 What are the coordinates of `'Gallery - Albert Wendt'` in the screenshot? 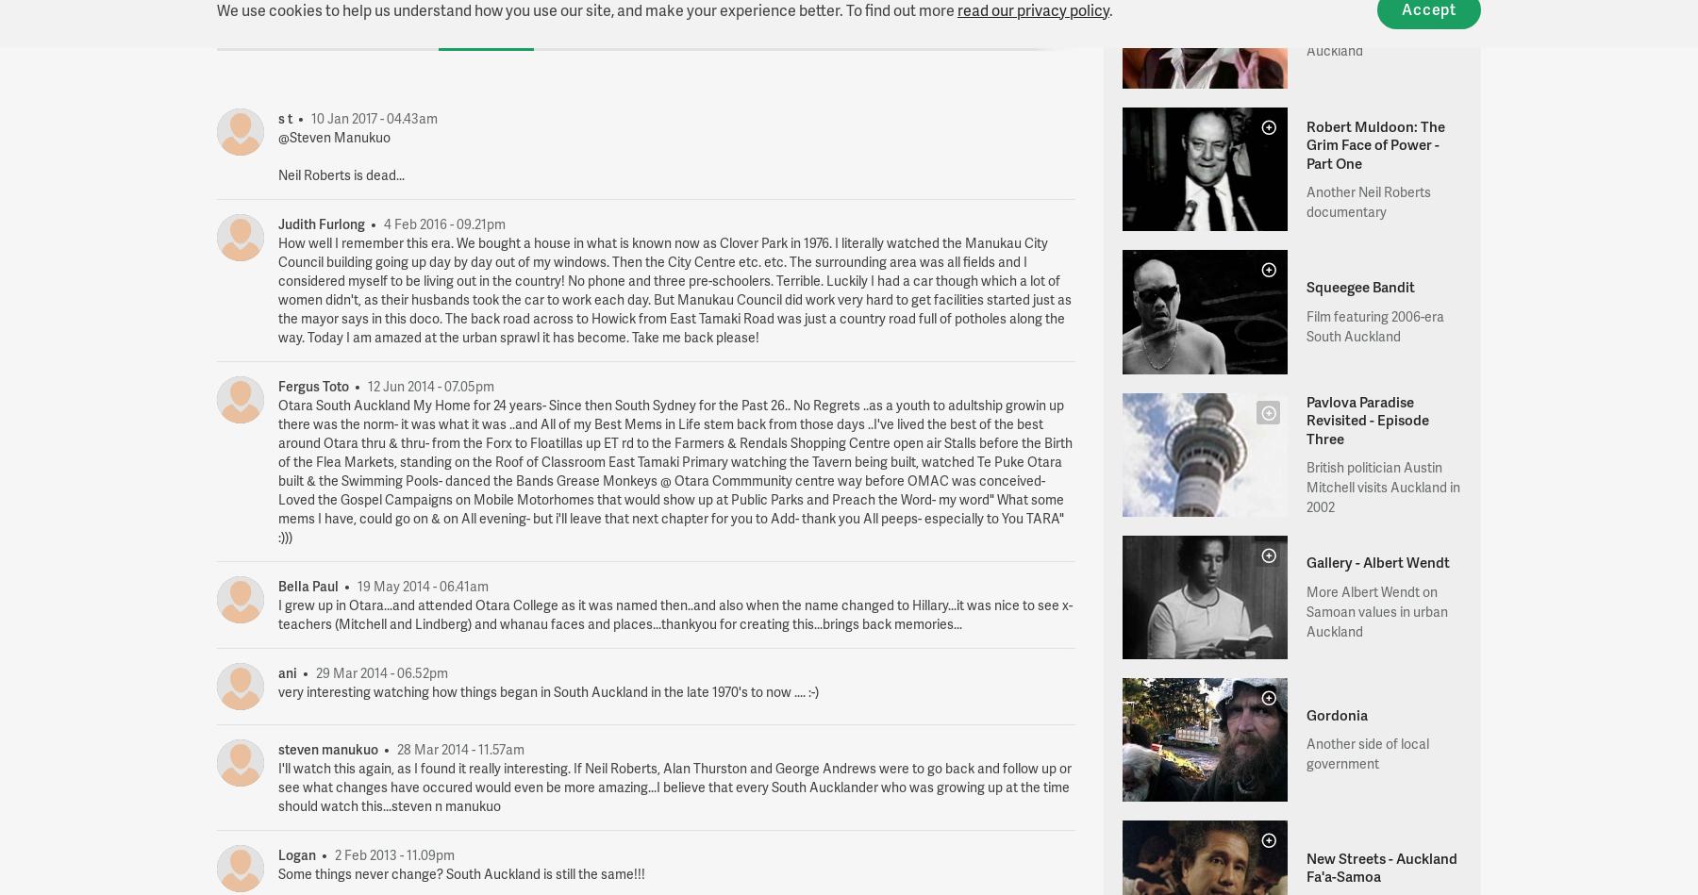 It's located at (1375, 560).